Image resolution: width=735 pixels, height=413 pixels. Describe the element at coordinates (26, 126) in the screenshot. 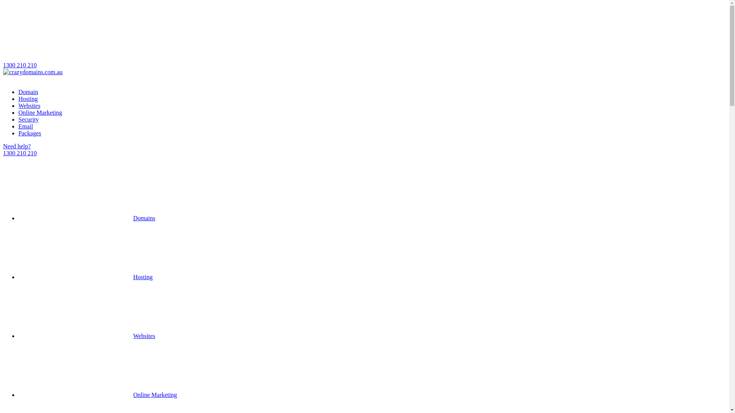

I see `'Email'` at that location.